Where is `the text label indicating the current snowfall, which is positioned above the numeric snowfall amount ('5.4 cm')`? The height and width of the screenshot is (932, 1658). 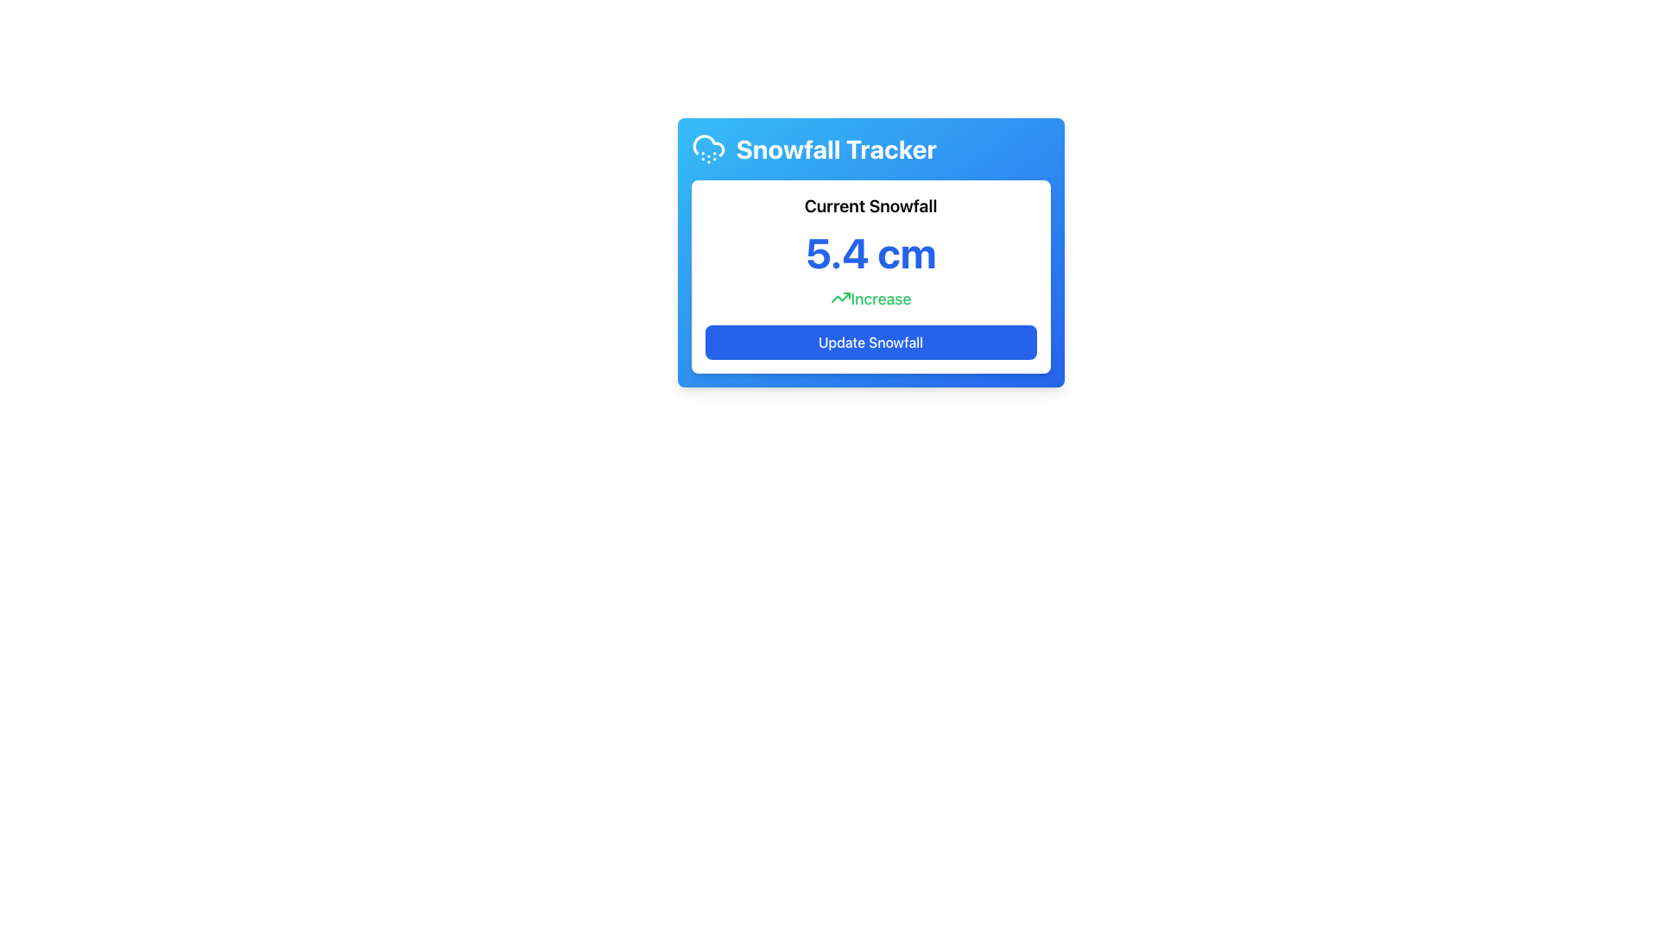
the text label indicating the current snowfall, which is positioned above the numeric snowfall amount ('5.4 cm') is located at coordinates (870, 205).